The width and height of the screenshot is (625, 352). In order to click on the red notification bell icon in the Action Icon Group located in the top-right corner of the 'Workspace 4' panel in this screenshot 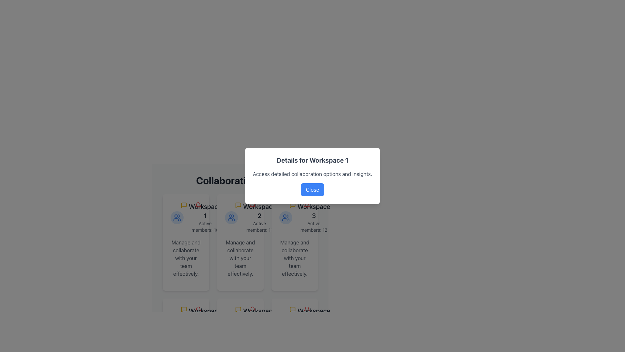, I will do `click(190, 309)`.